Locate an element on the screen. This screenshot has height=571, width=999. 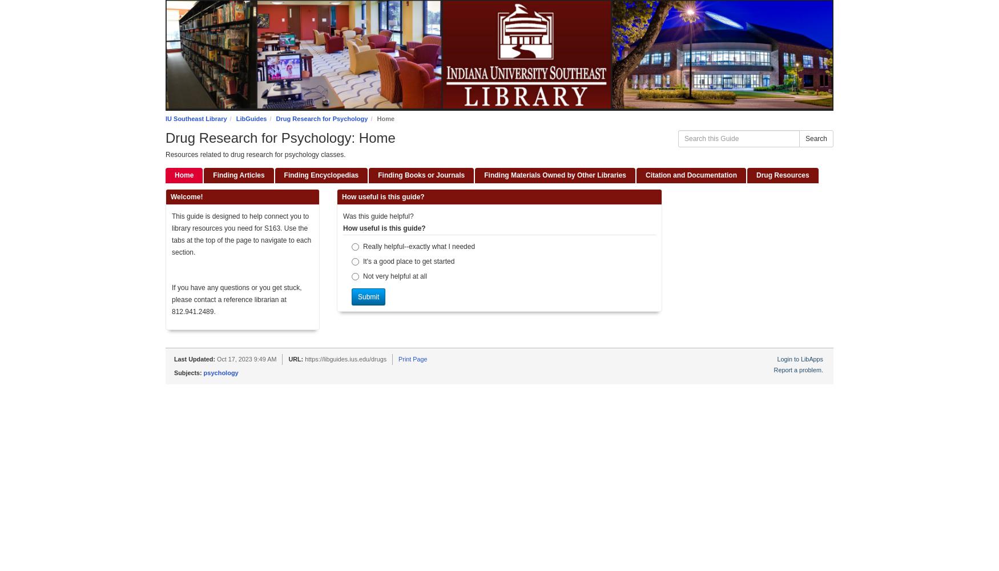
'Resources related to drug research for psychology classes.' is located at coordinates (255, 155).